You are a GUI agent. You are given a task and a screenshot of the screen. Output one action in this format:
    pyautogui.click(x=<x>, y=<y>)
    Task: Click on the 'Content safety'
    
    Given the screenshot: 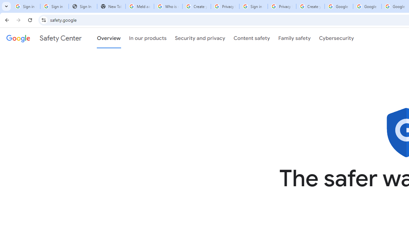 What is the action you would take?
    pyautogui.click(x=251, y=38)
    